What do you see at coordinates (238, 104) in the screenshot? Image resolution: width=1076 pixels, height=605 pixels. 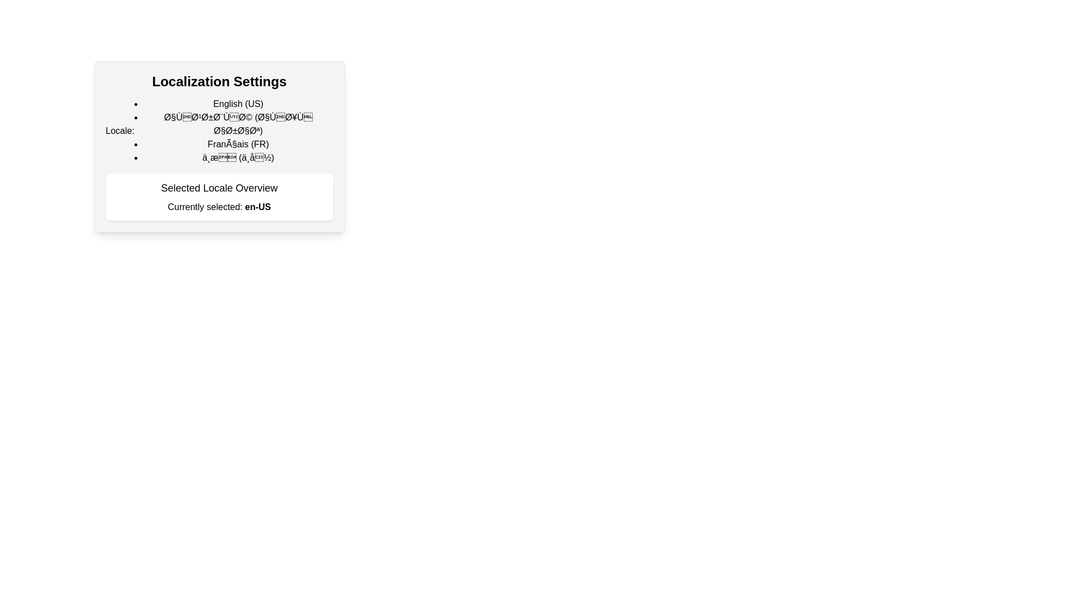 I see `to select the 'English (US)' locale text element located under the 'Locale:' section in the 'Localization Settings' group` at bounding box center [238, 104].